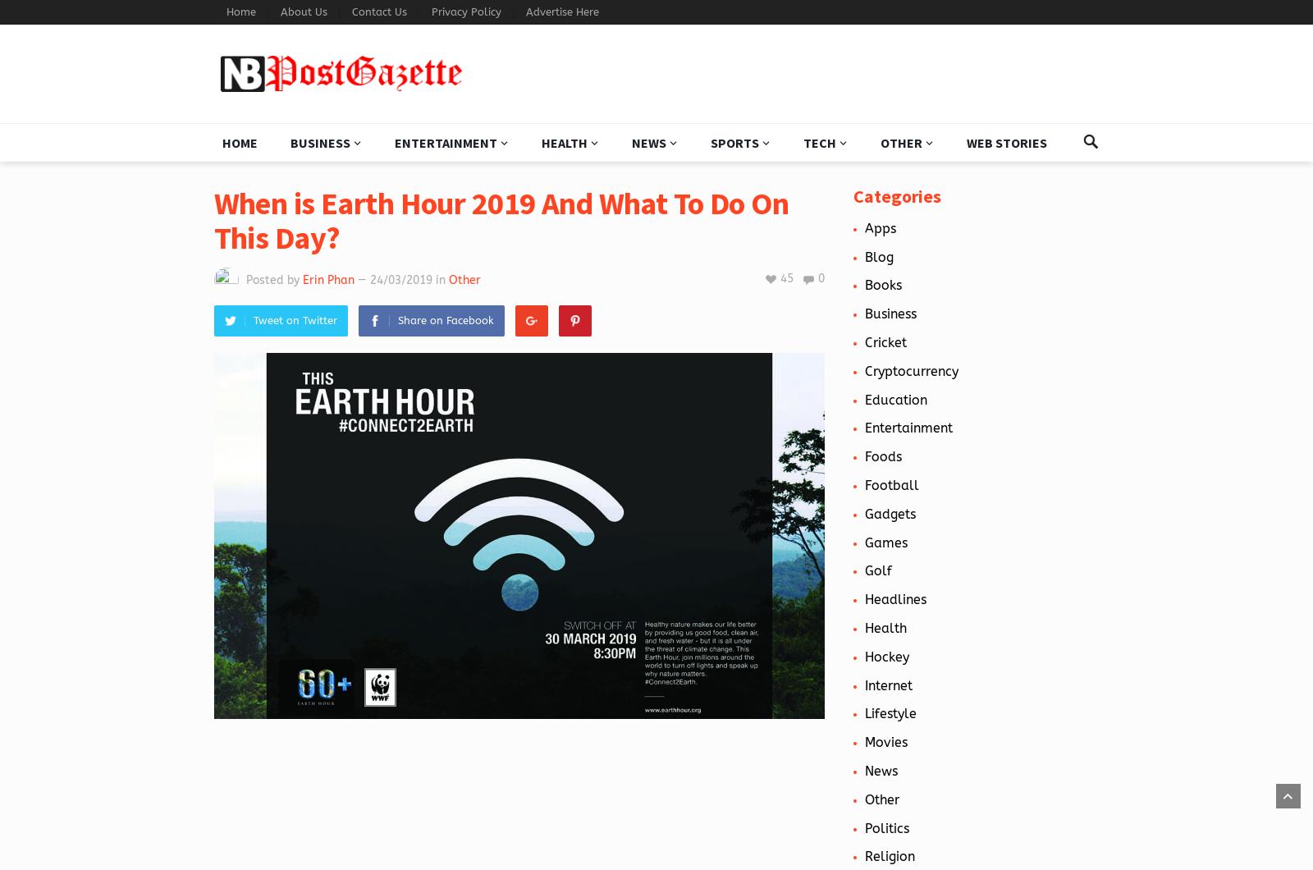  I want to click on 'Erin Phan', so click(327, 279).